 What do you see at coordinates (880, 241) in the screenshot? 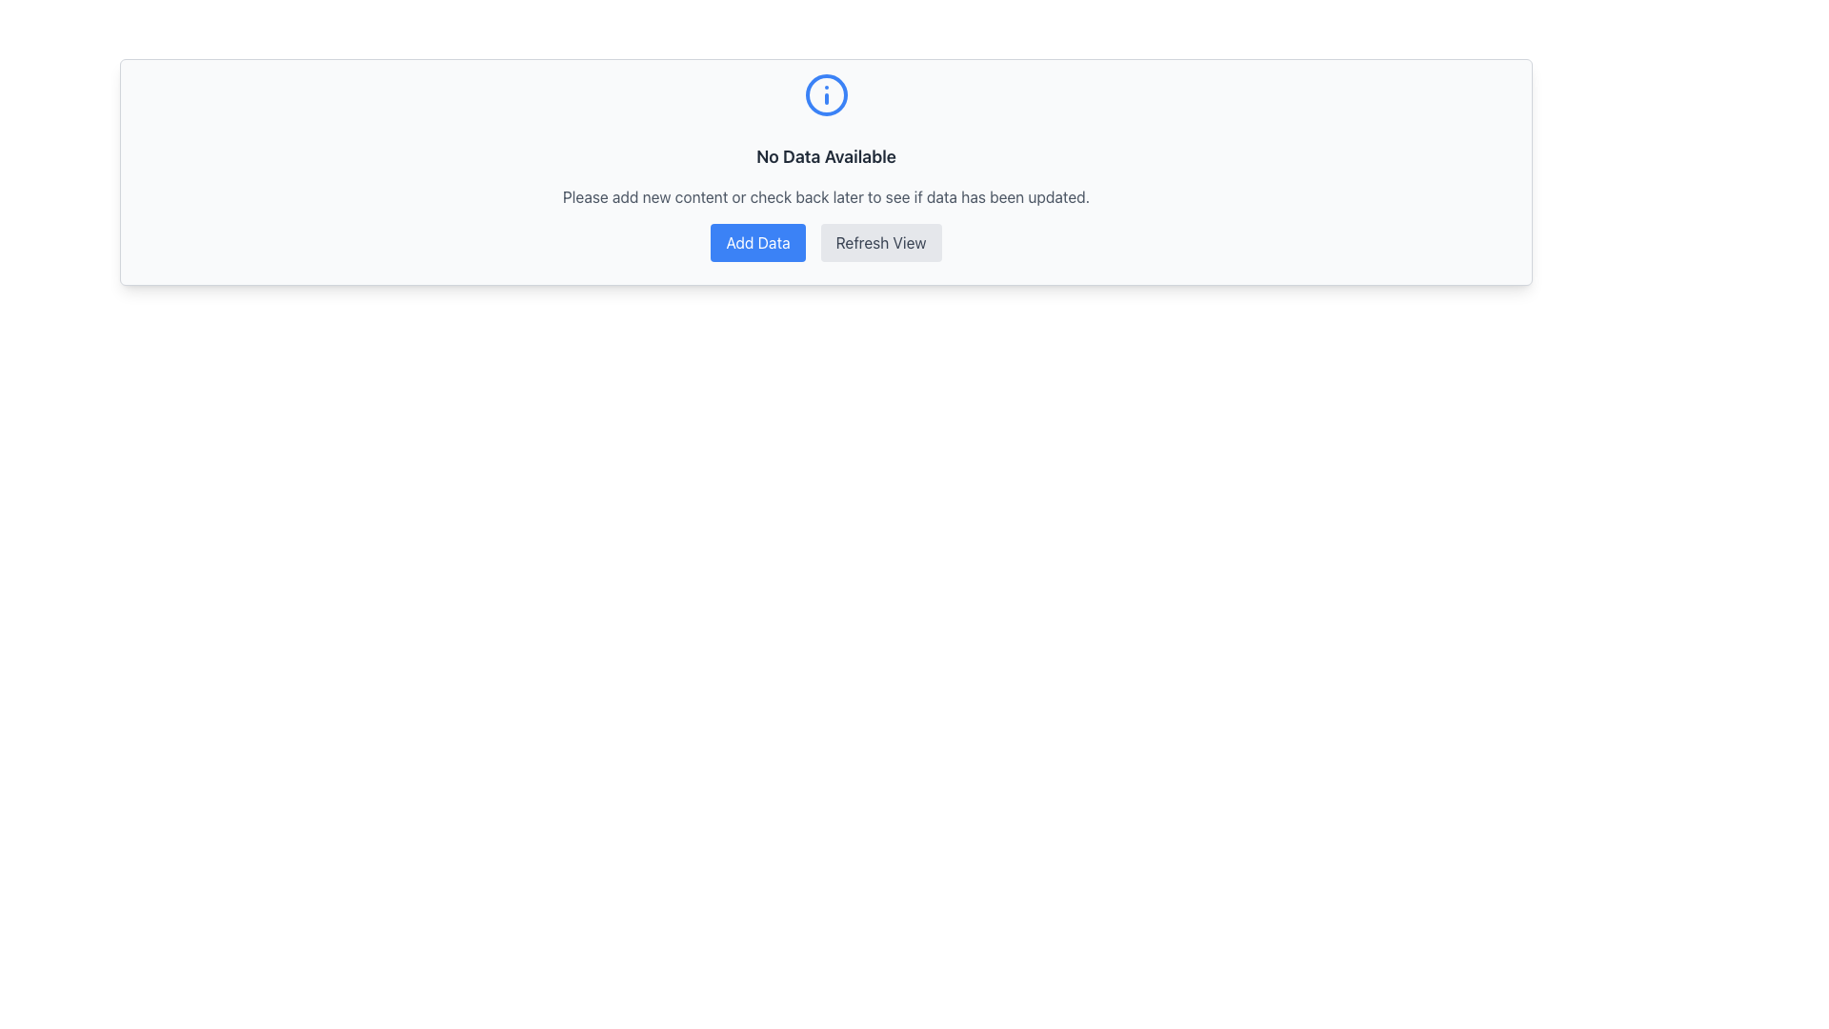
I see `the second button in the horizontal layout, located to the right of the 'Add Data' button, to observe the background color change` at bounding box center [880, 241].